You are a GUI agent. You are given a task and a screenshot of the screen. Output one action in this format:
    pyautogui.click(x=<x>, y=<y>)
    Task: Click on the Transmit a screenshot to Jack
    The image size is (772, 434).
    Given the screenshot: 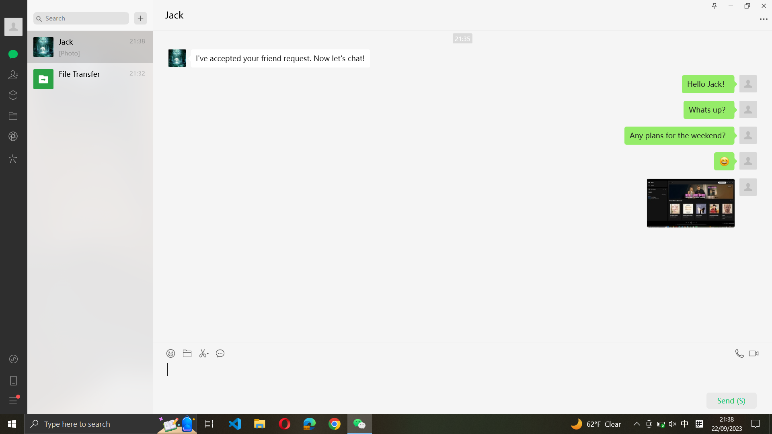 What is the action you would take?
    pyautogui.click(x=205, y=351)
    